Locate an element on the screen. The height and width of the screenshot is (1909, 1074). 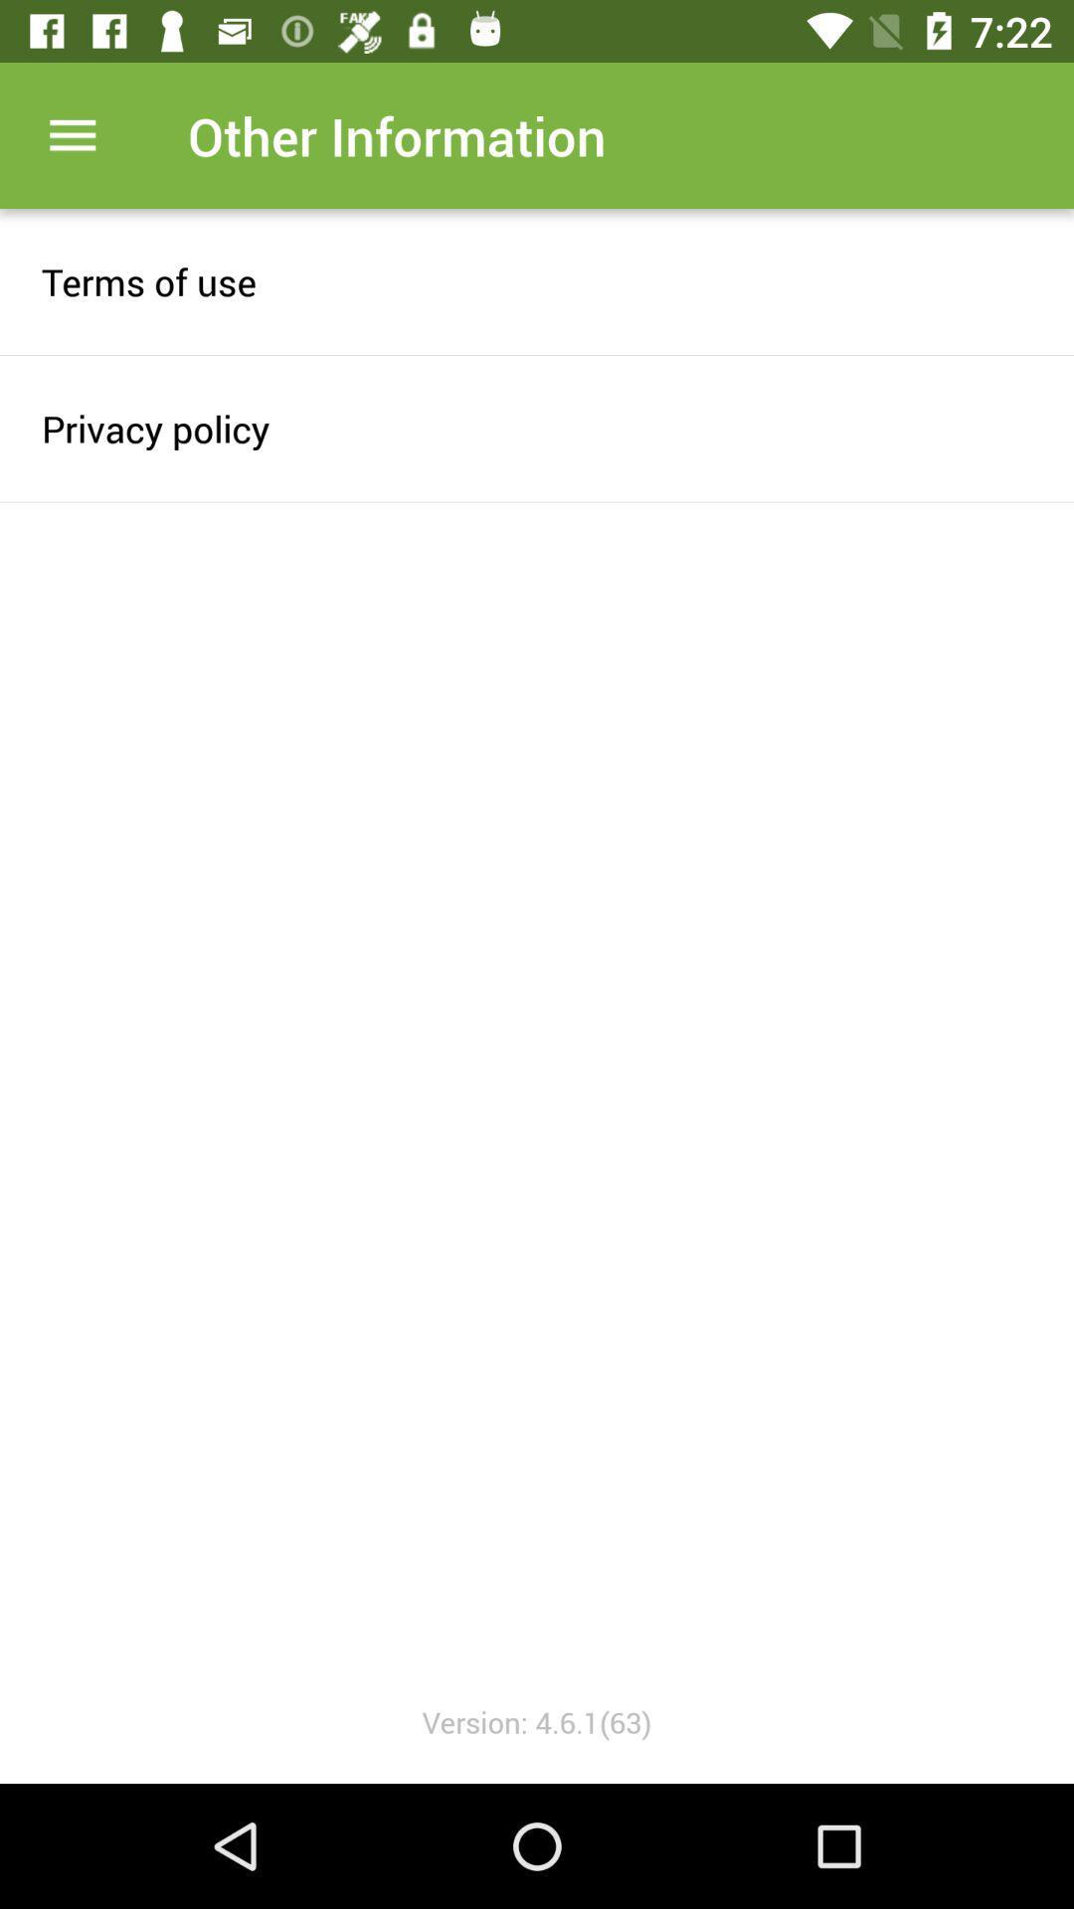
open app menu is located at coordinates (72, 134).